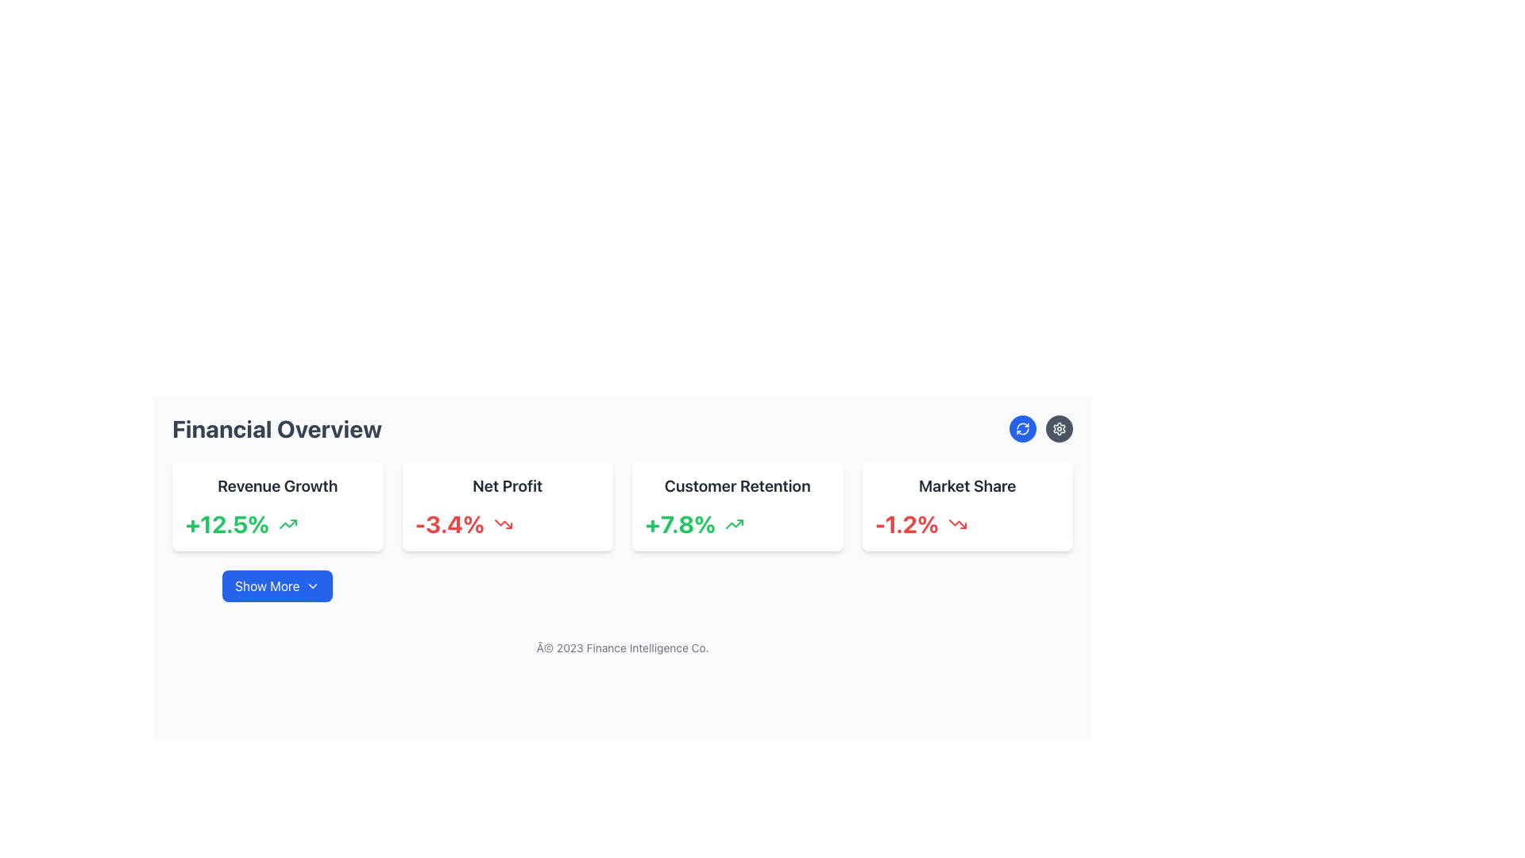 This screenshot has width=1525, height=858. What do you see at coordinates (507, 485) in the screenshot?
I see `the text label that serves as a title for the financial metric in the second card of the horizontally arranged row` at bounding box center [507, 485].